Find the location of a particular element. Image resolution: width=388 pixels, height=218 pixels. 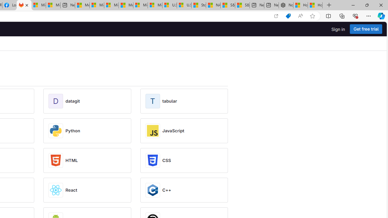

'Python' is located at coordinates (73, 130).